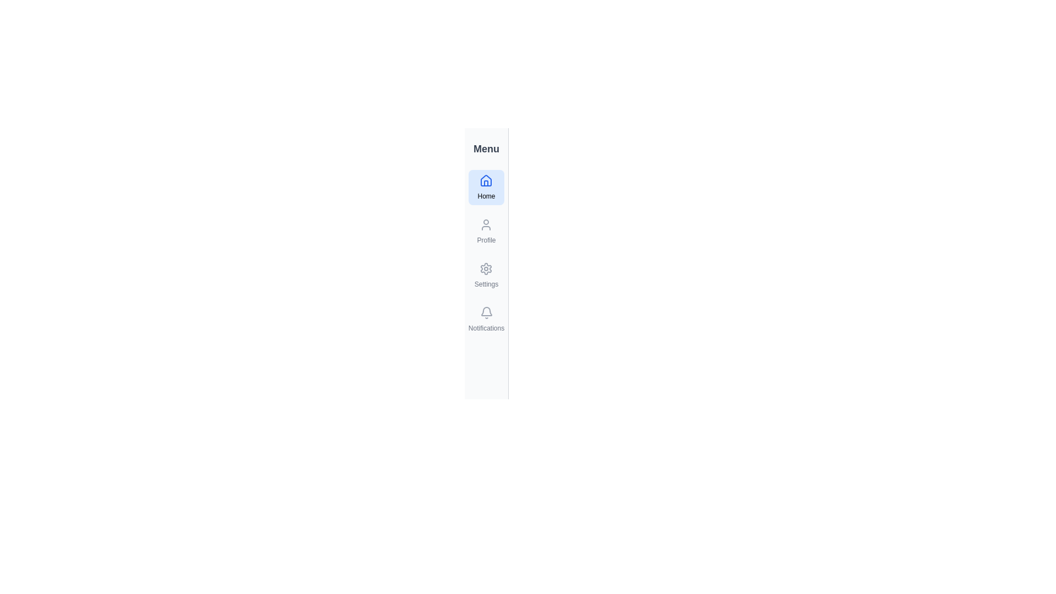 This screenshot has width=1056, height=594. Describe the element at coordinates (486, 224) in the screenshot. I see `the user icon, which is a gray outline of a head and shoulders, positioned above the 'Profile' text in the vertical menu` at that location.